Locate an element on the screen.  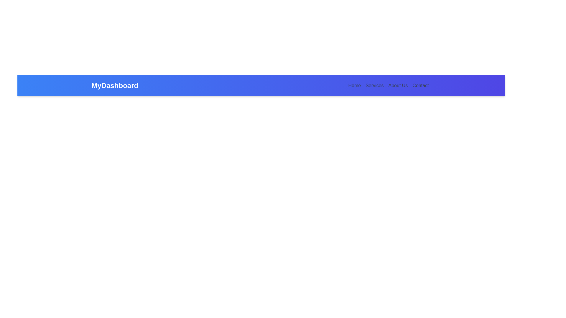
the 'Services' navigational link element located in the horizontal navigation menu is located at coordinates (374, 85).